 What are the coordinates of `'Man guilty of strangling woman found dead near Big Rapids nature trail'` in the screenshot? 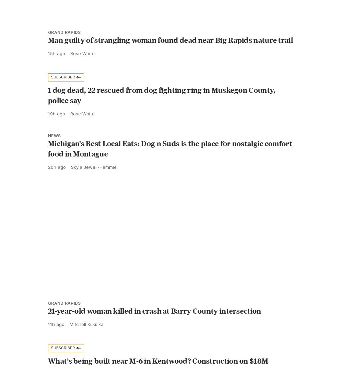 It's located at (170, 54).